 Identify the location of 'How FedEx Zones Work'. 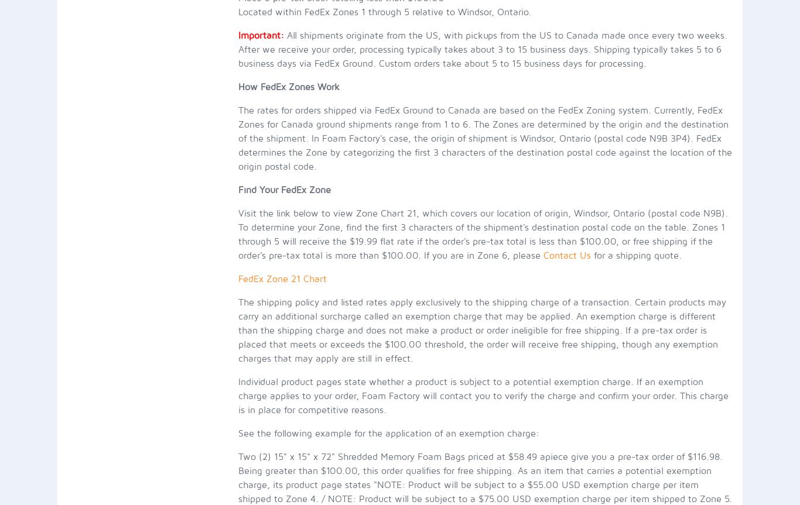
(288, 86).